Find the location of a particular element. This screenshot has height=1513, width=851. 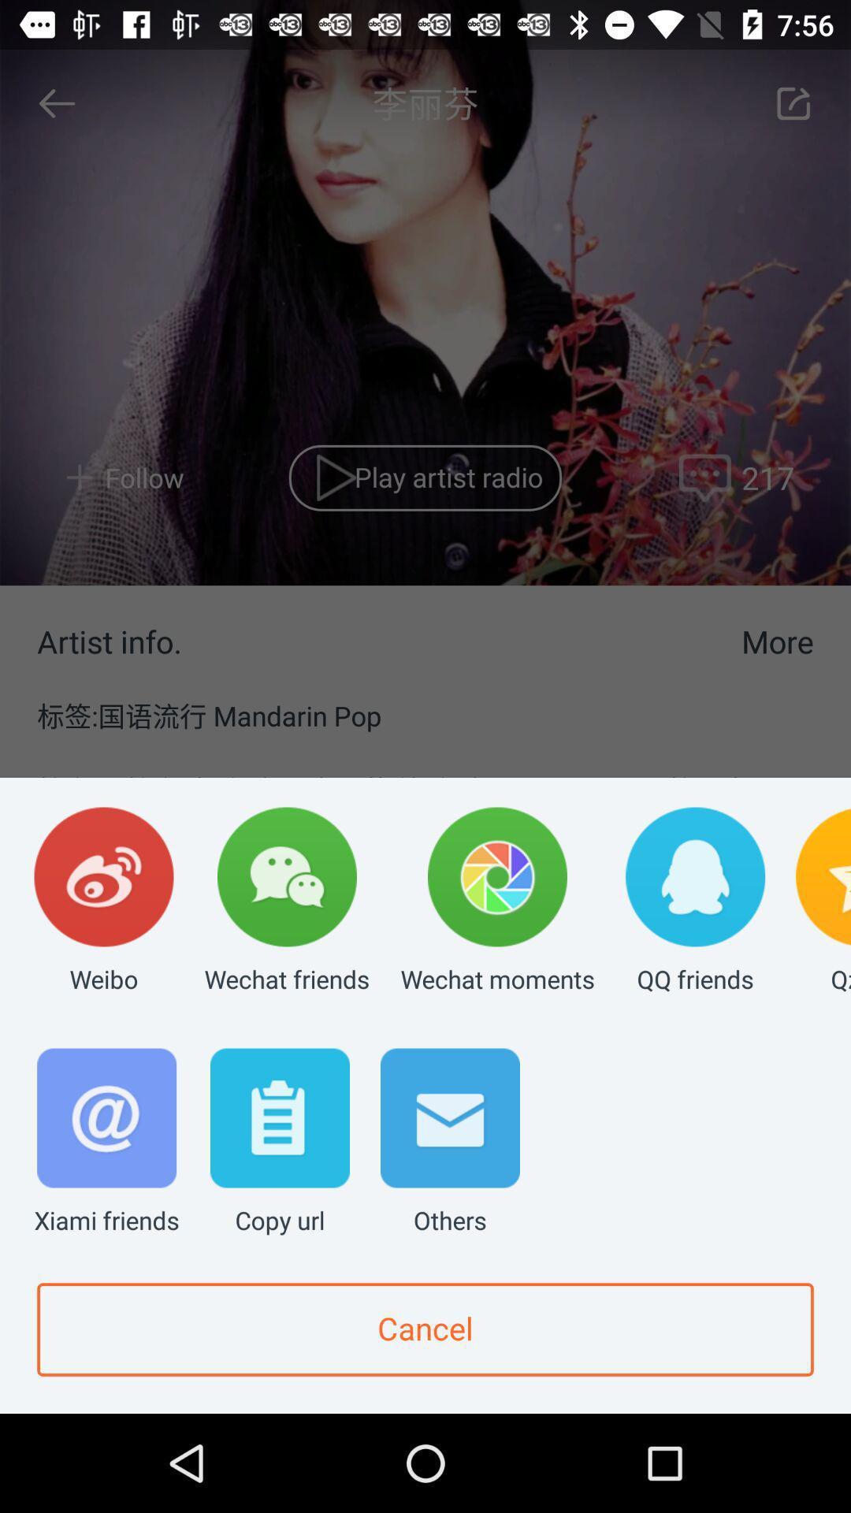

icon next to the wechat friends app is located at coordinates (103, 901).